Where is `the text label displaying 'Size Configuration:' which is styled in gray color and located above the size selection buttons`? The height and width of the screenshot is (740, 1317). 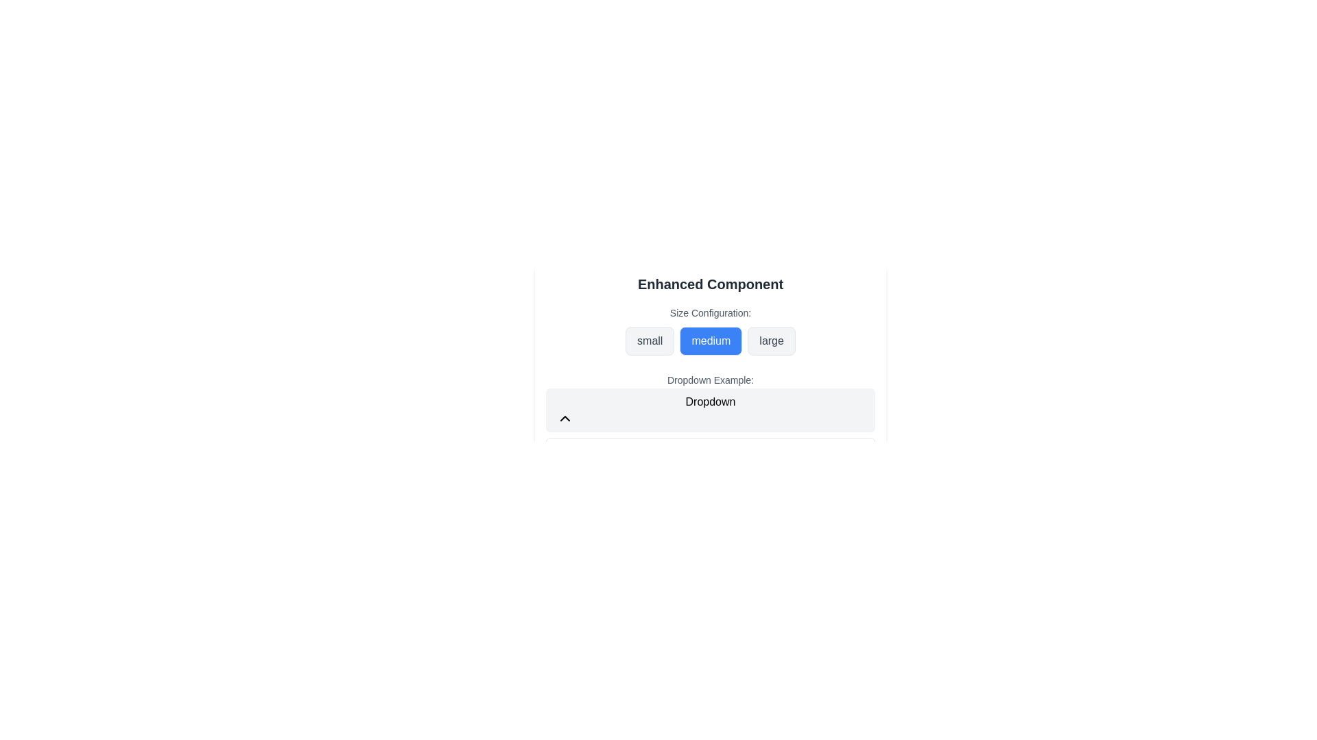
the text label displaying 'Size Configuration:' which is styled in gray color and located above the size selection buttons is located at coordinates (711, 312).